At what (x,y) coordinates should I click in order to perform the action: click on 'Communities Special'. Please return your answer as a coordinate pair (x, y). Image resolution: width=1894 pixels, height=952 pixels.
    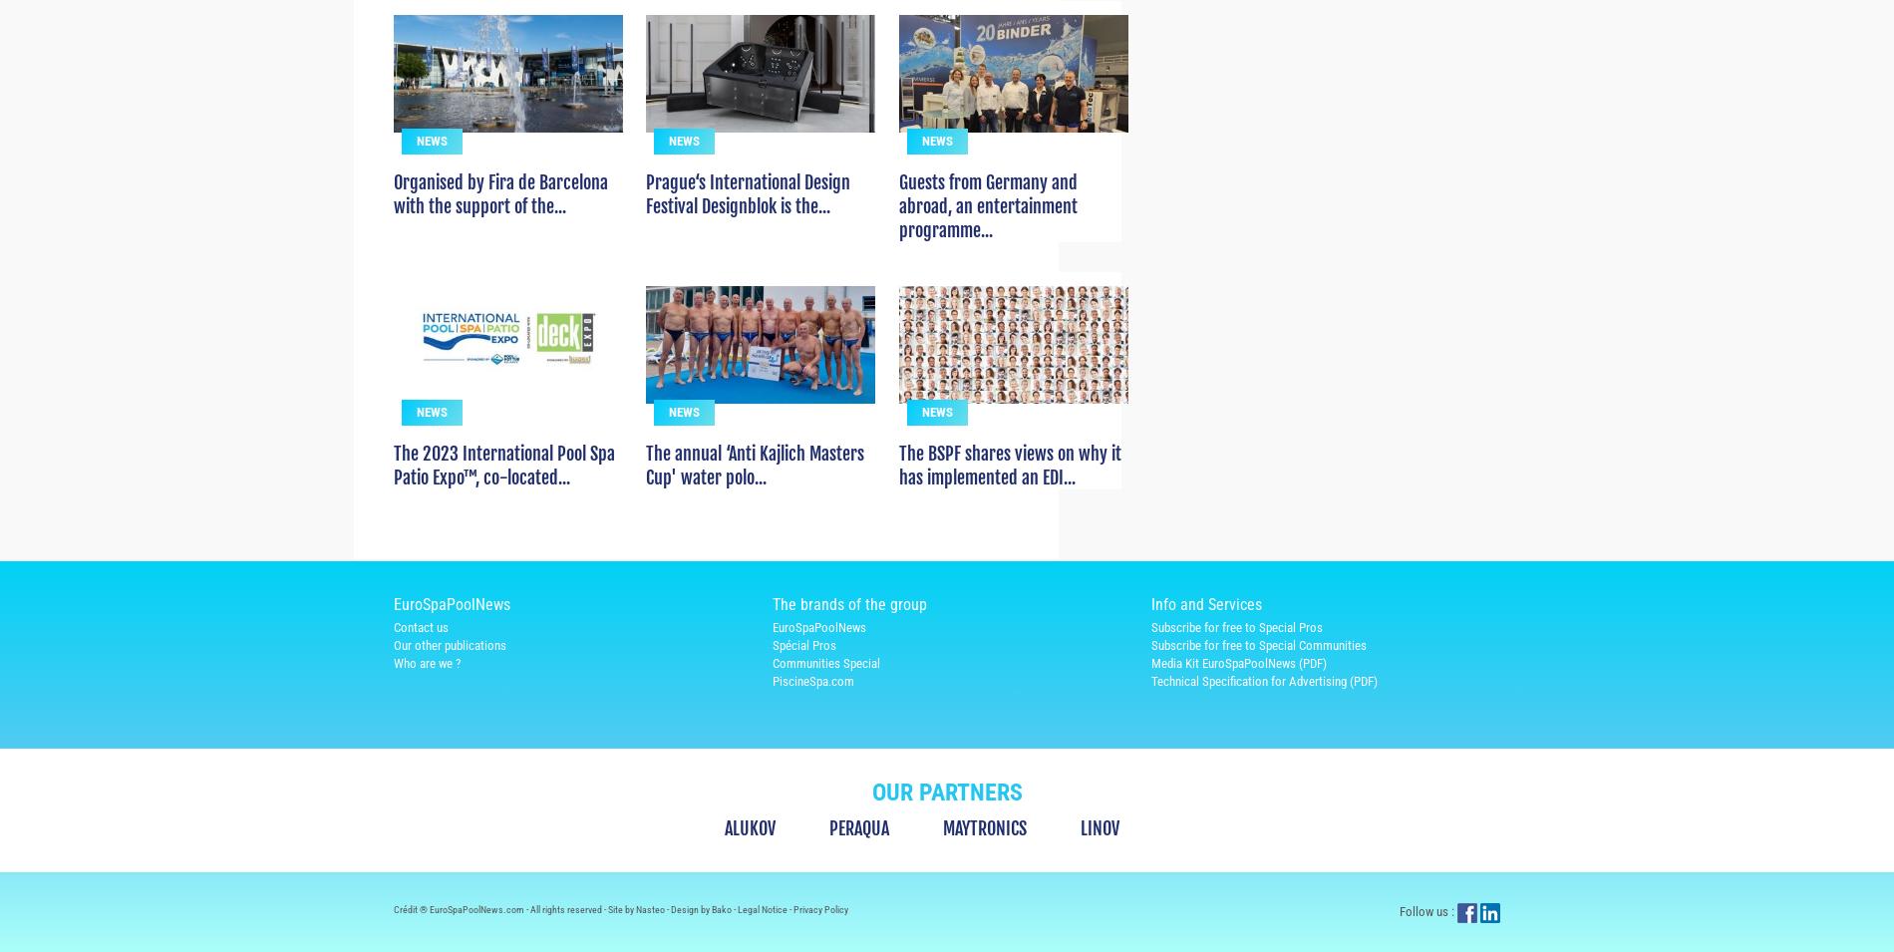
    Looking at the image, I should click on (824, 698).